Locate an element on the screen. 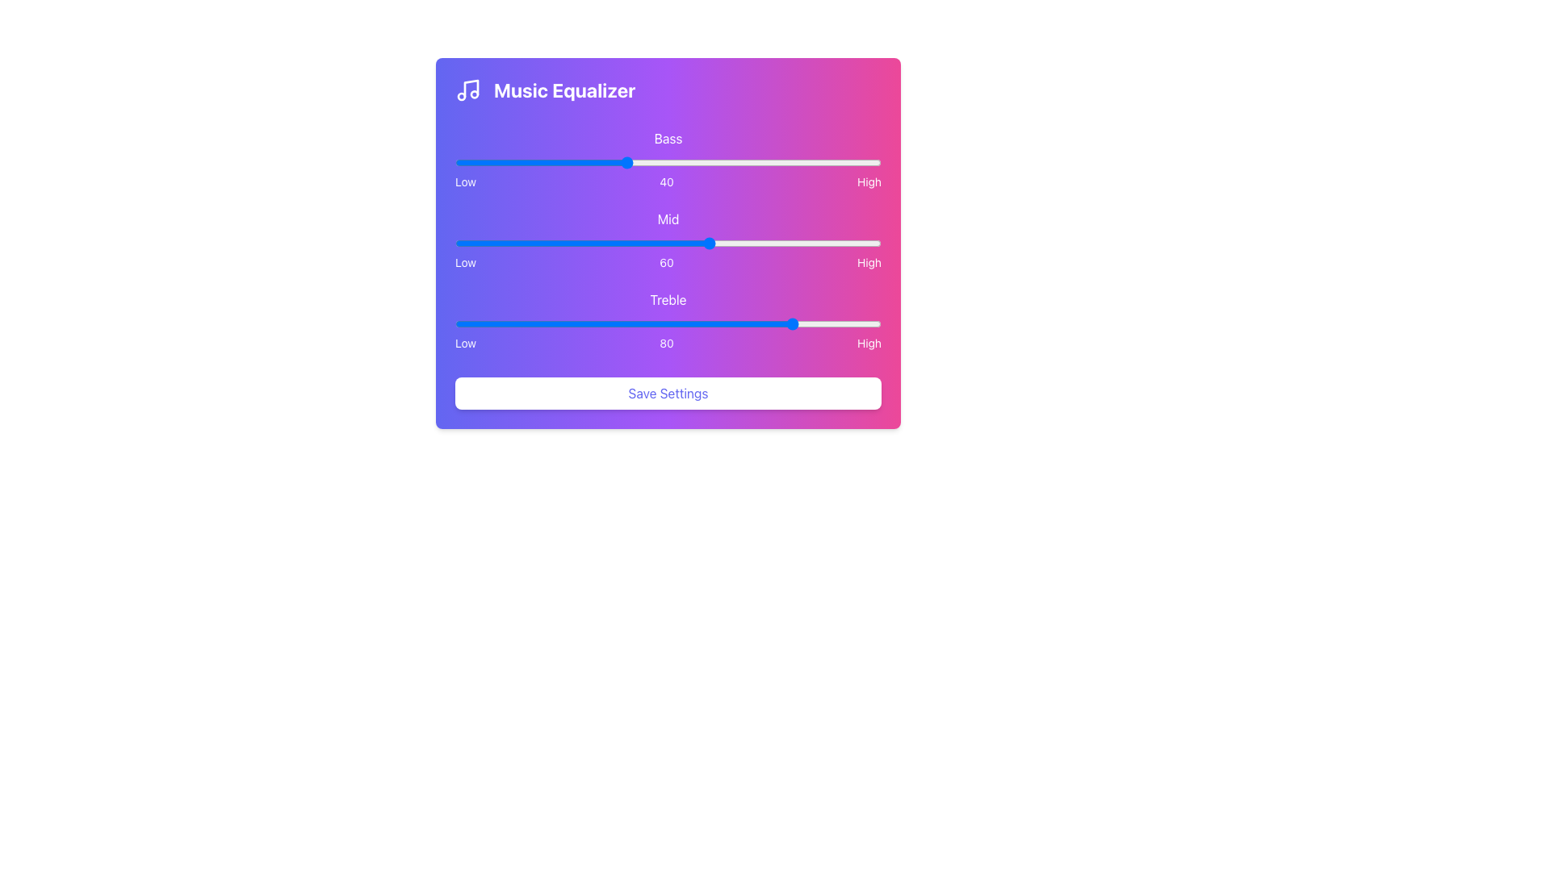  the Text Display element that shows the numeric value '80', which is located between the 'Low' and 'High' labels and aligned with the Mid section slider is located at coordinates (666, 342).